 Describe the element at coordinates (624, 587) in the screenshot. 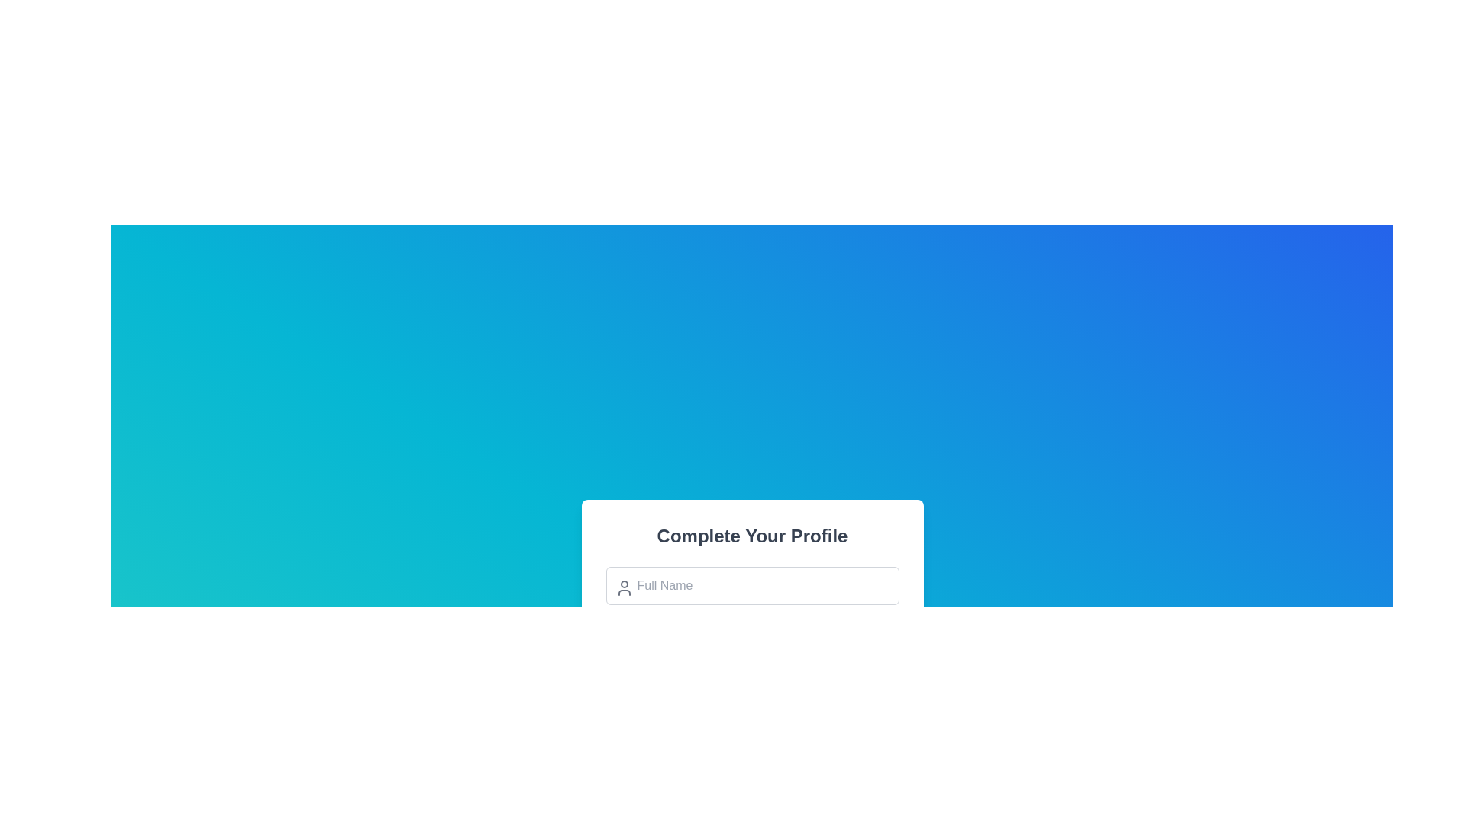

I see `the decorative icon located on the left side of the text input field, which indicates the type of input expected for profile-related information` at that location.